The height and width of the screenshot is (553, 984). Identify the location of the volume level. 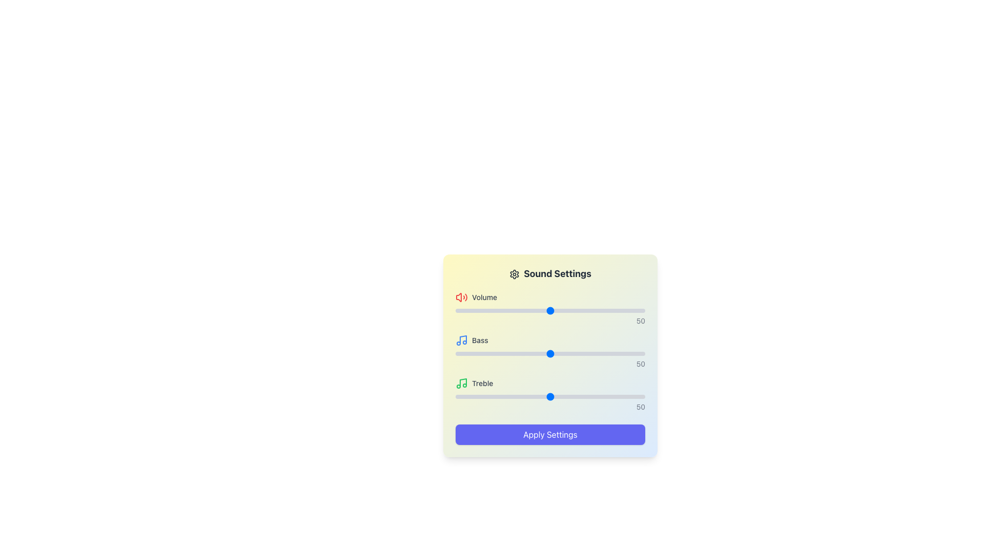
(538, 310).